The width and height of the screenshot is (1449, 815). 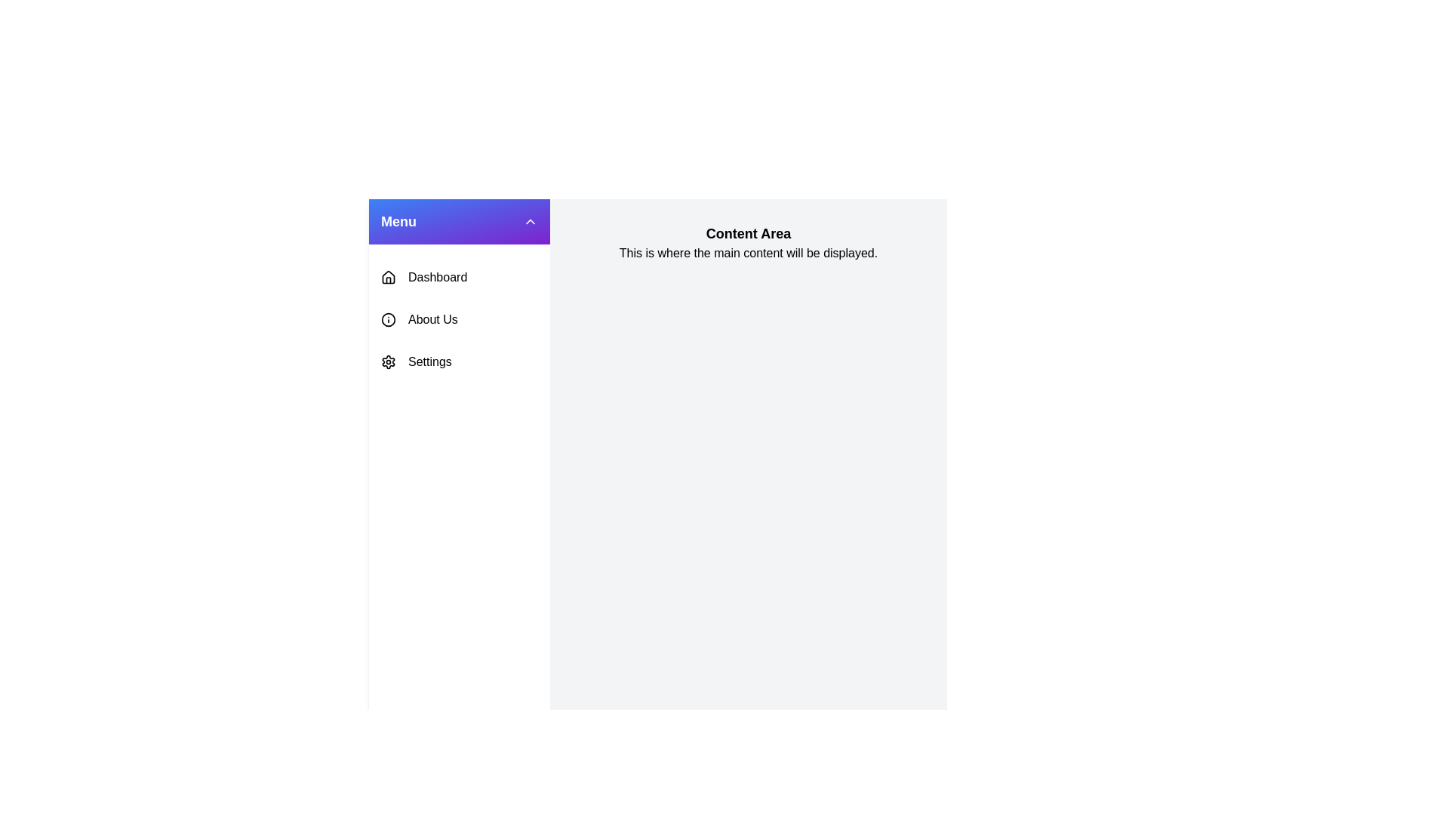 What do you see at coordinates (459, 361) in the screenshot?
I see `the menu item Settings to observe its hover effect` at bounding box center [459, 361].